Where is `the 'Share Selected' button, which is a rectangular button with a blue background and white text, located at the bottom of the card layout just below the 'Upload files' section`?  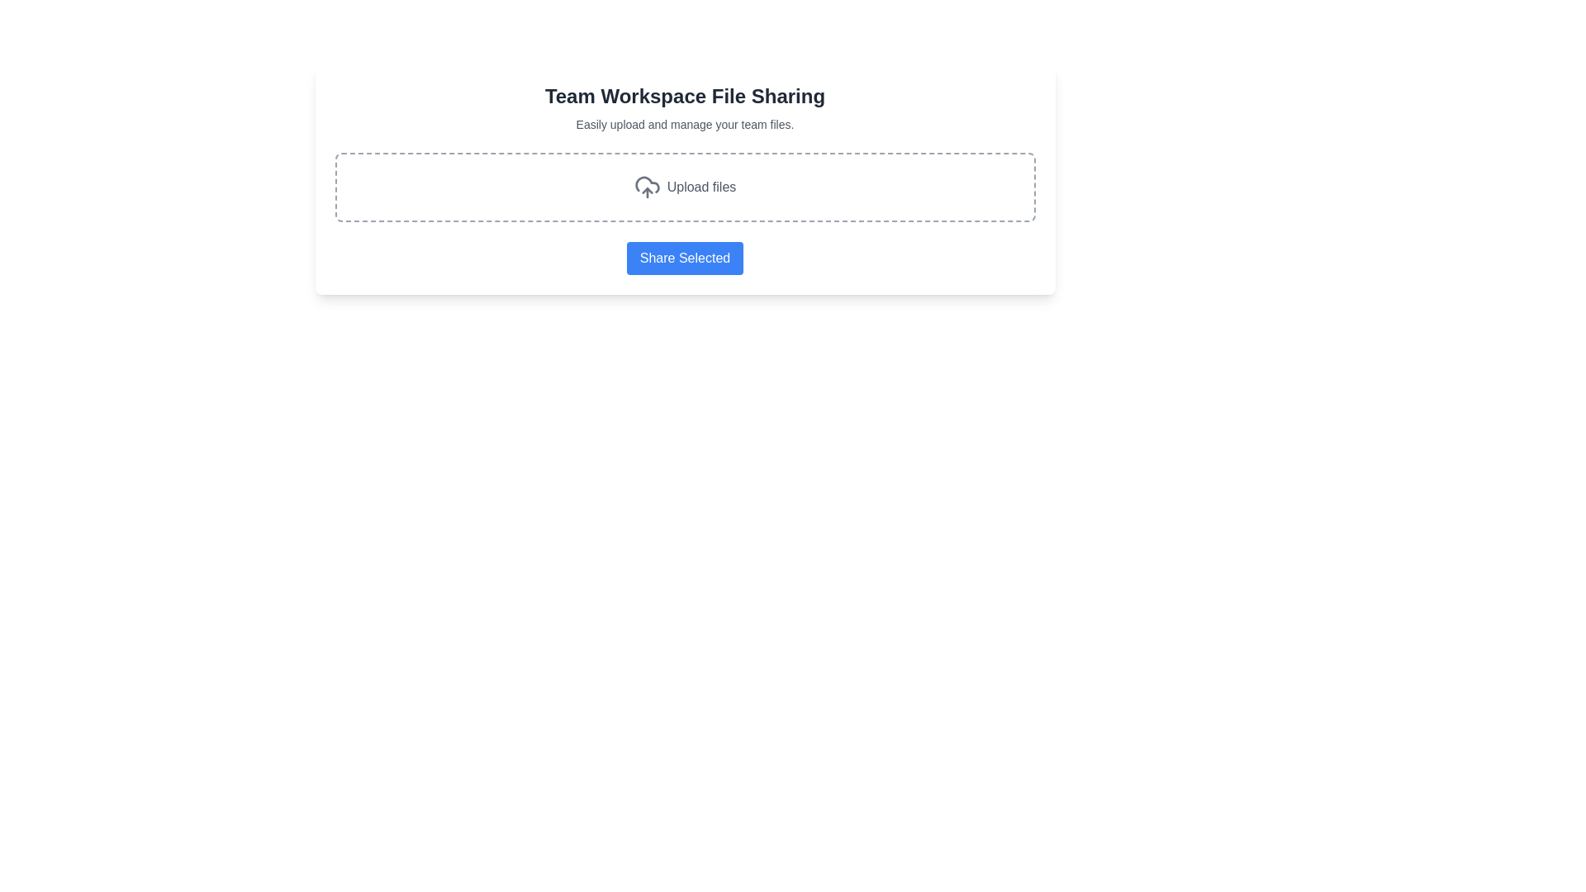 the 'Share Selected' button, which is a rectangular button with a blue background and white text, located at the bottom of the card layout just below the 'Upload files' section is located at coordinates (685, 258).